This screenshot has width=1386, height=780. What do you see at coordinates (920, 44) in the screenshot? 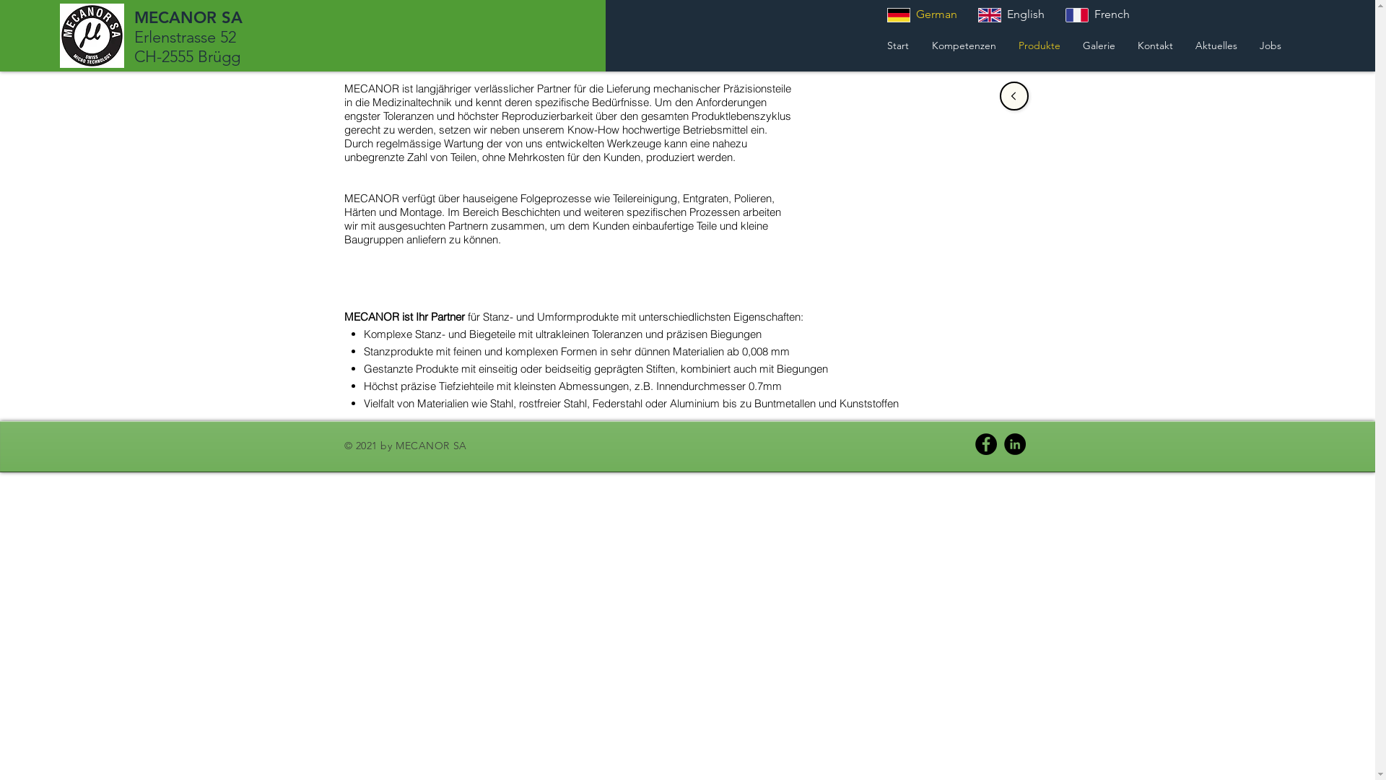
I see `'Kompetenzen'` at bounding box center [920, 44].